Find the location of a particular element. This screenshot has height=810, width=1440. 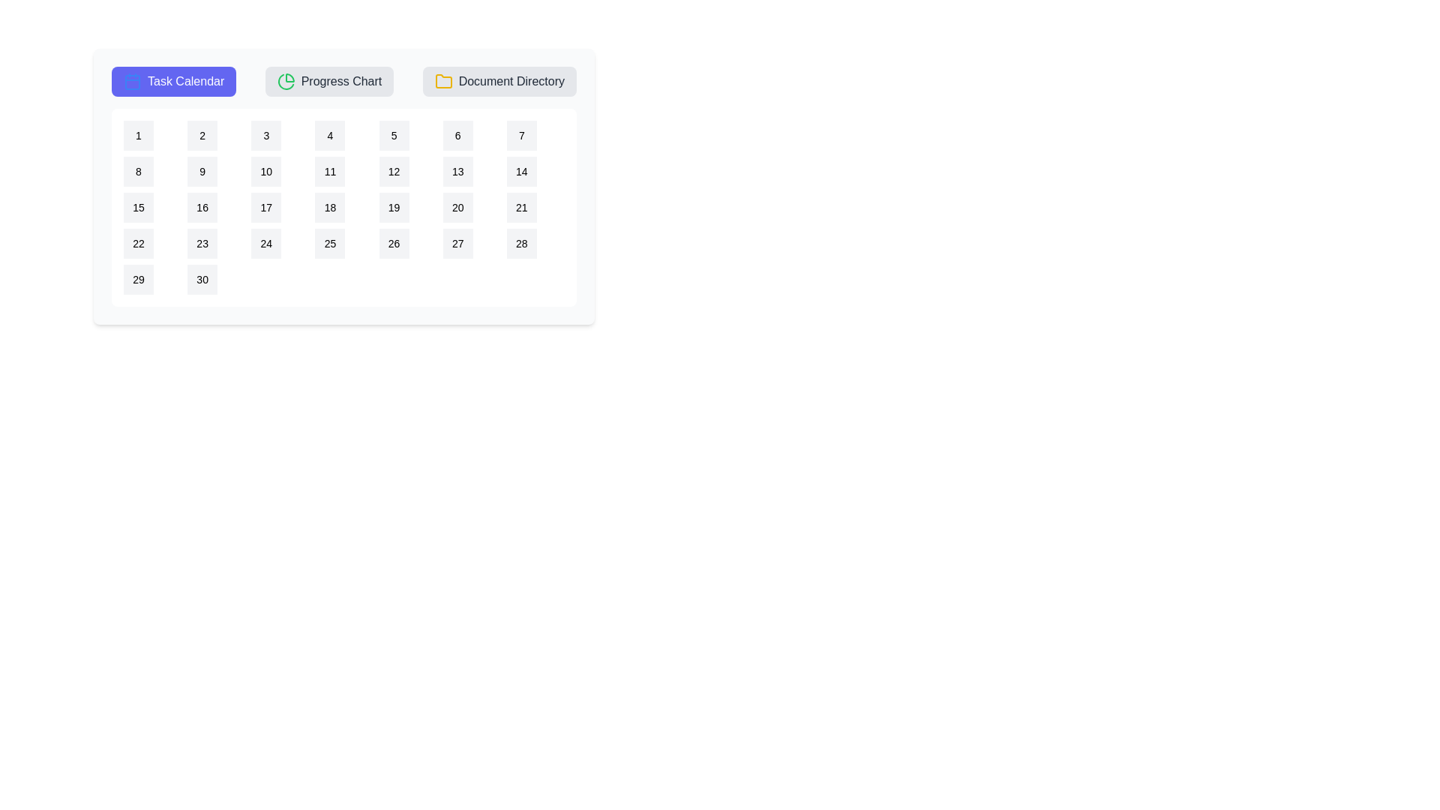

the Document Directory tab is located at coordinates (499, 81).